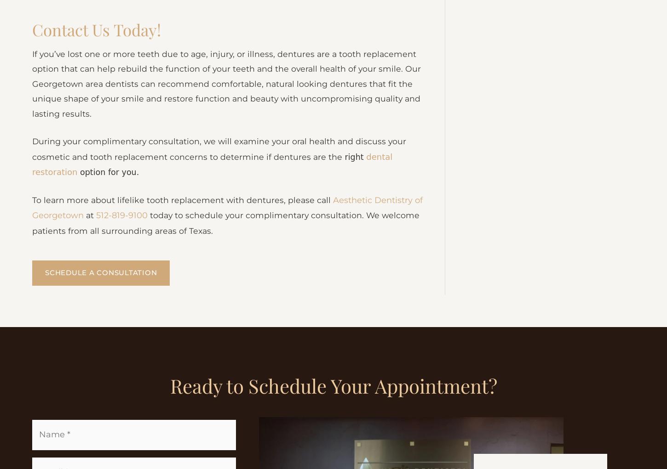 The width and height of the screenshot is (667, 469). Describe the element at coordinates (122, 280) in the screenshot. I see `'512-819-9100'` at that location.